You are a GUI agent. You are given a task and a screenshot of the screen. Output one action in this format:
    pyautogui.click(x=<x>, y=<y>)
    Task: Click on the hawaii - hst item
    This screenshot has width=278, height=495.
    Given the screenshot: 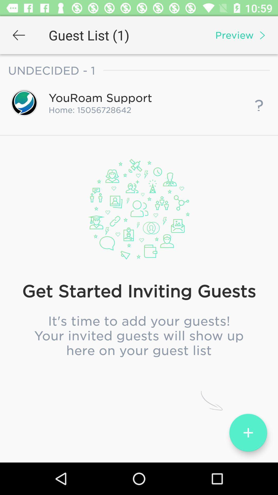 What is the action you would take?
    pyautogui.click(x=139, y=264)
    